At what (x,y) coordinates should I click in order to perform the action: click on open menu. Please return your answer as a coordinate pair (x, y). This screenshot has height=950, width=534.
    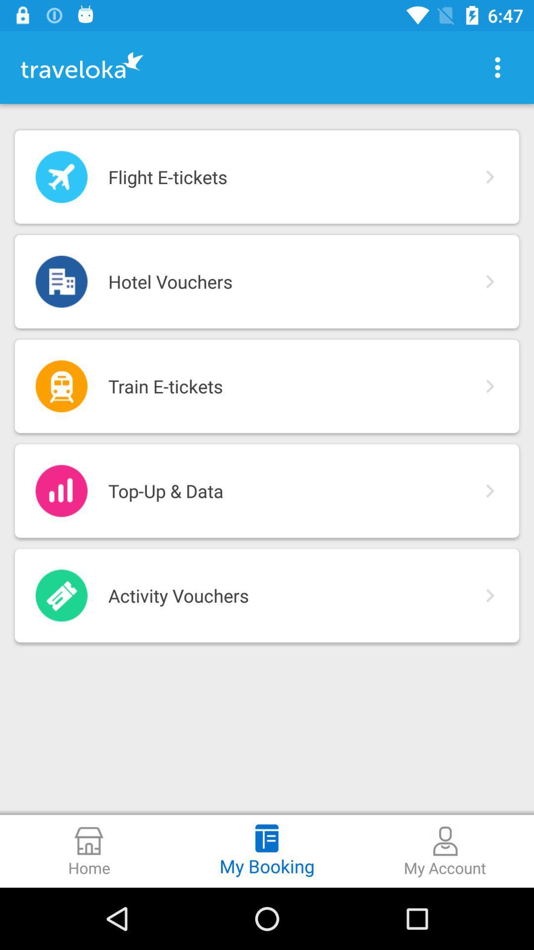
    Looking at the image, I should click on (497, 67).